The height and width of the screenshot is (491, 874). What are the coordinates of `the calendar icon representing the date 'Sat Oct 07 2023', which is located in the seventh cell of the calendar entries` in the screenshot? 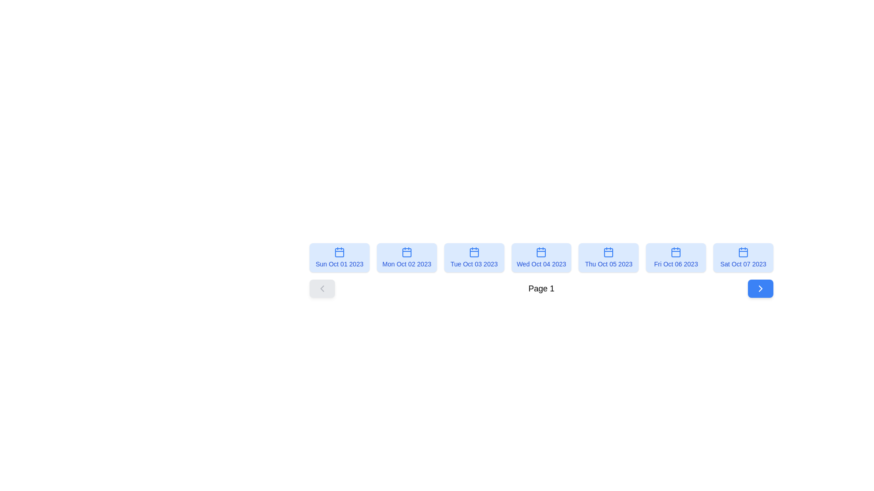 It's located at (743, 252).